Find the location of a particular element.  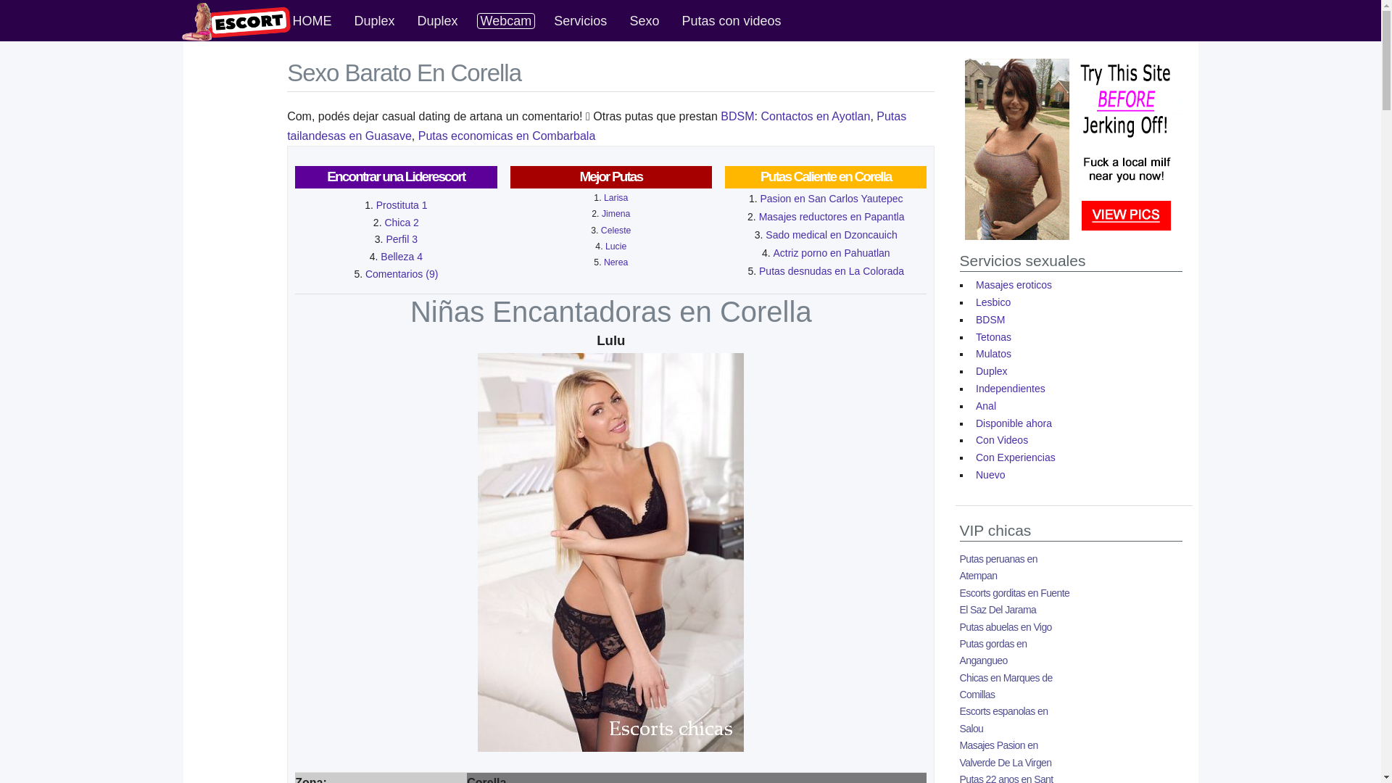

'Con Videos' is located at coordinates (1000, 439).